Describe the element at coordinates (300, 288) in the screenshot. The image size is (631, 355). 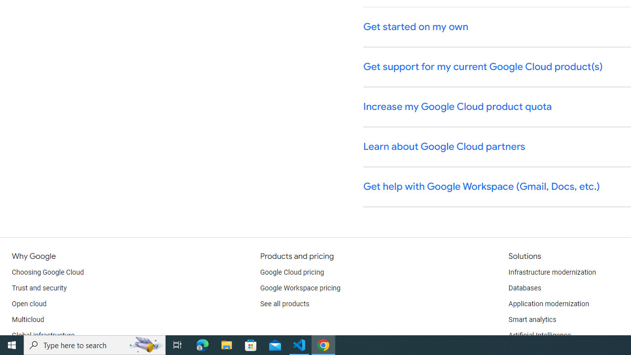
I see `'Google Workspace pricing'` at that location.